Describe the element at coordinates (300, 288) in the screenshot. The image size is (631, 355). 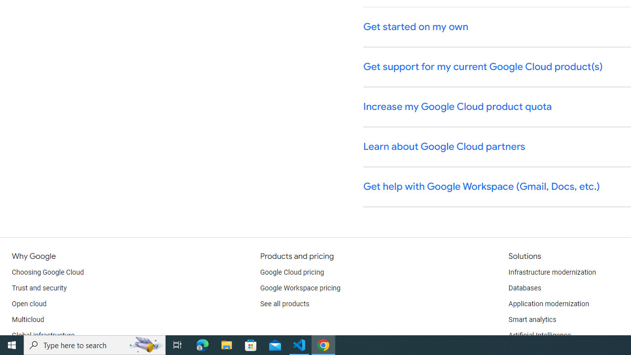
I see `'Google Workspace pricing'` at that location.